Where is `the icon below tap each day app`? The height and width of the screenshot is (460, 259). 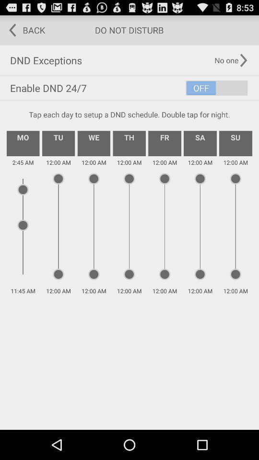 the icon below tap each day app is located at coordinates (59, 143).